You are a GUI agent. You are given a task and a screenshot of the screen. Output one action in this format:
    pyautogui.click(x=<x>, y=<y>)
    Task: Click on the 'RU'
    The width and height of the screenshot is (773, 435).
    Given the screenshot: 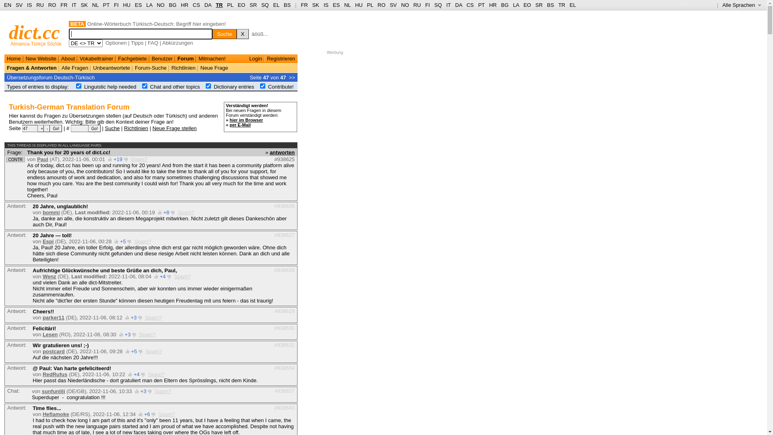 What is the action you would take?
    pyautogui.click(x=36, y=5)
    